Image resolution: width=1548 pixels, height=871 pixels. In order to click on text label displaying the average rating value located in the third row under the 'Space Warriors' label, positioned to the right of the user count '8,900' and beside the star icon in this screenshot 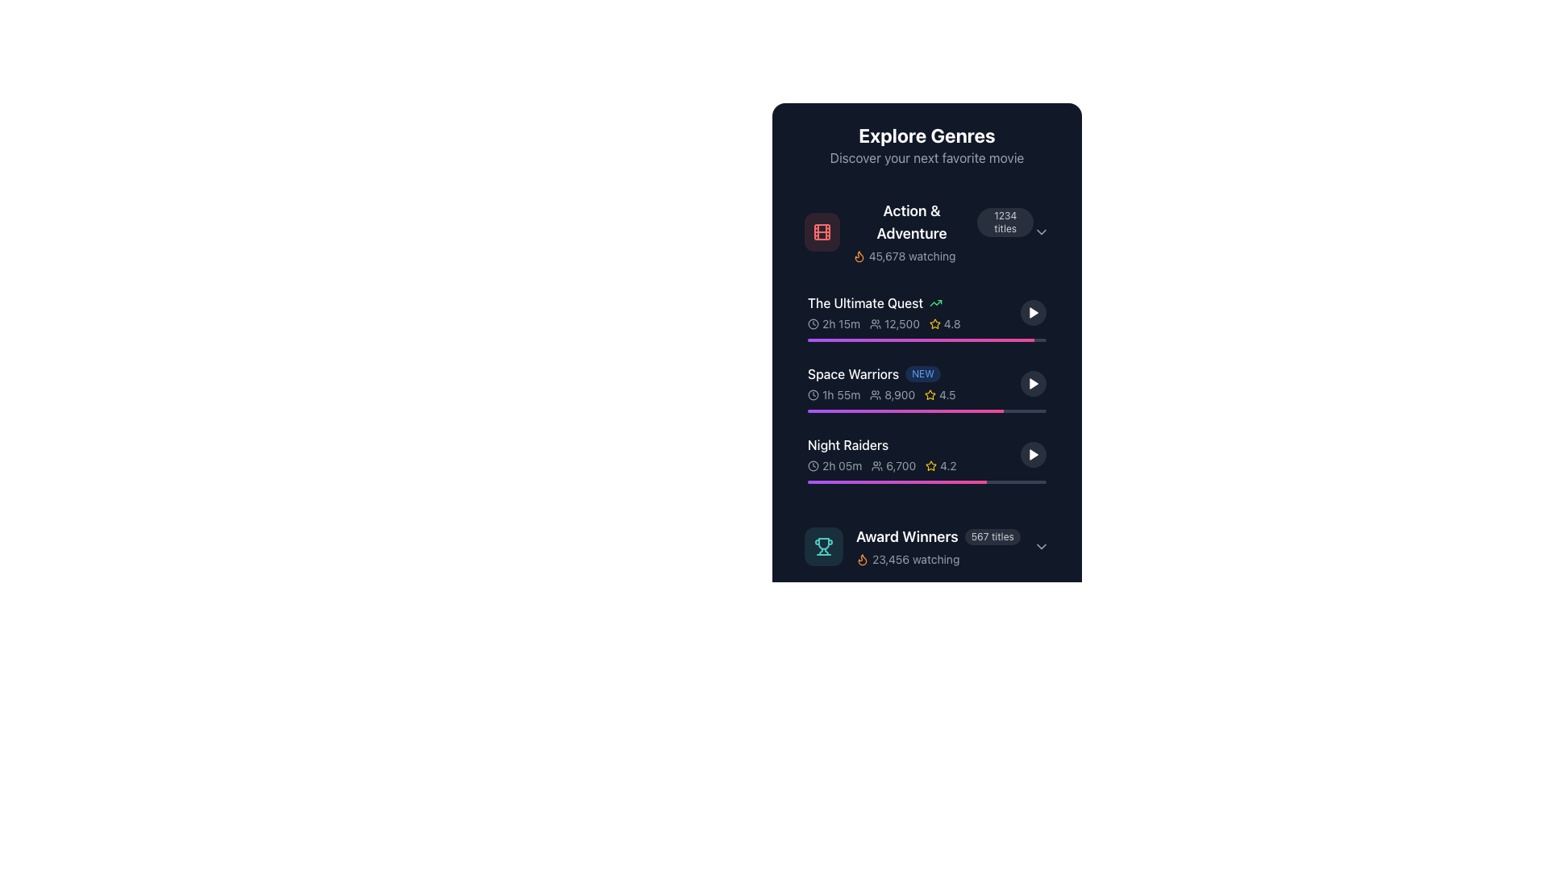, I will do `click(940, 394)`.